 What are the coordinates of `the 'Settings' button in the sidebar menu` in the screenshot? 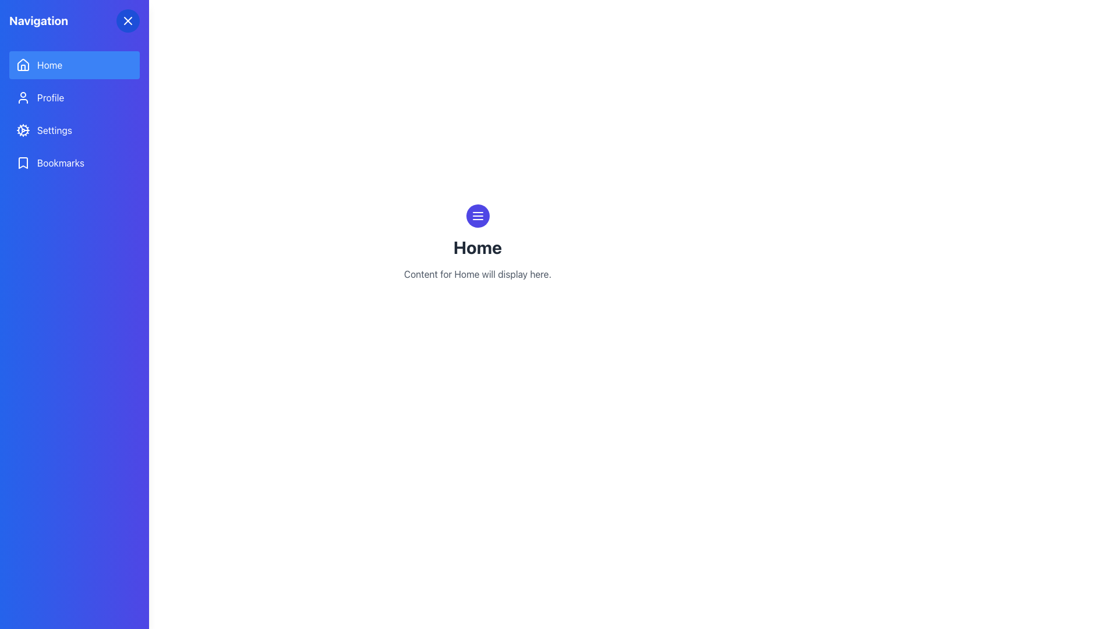 It's located at (74, 130).